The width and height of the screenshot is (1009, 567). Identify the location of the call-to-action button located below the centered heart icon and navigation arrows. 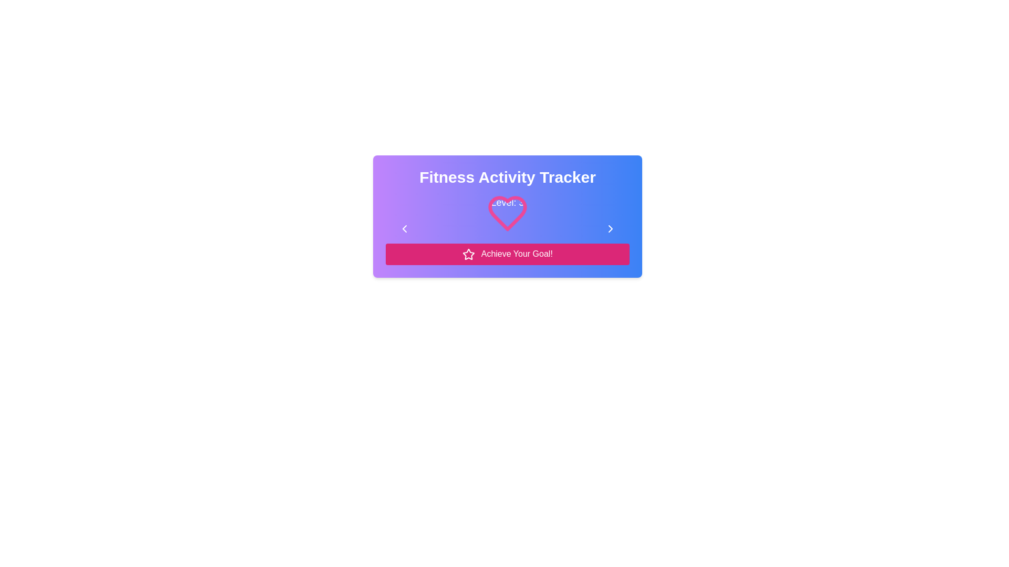
(507, 254).